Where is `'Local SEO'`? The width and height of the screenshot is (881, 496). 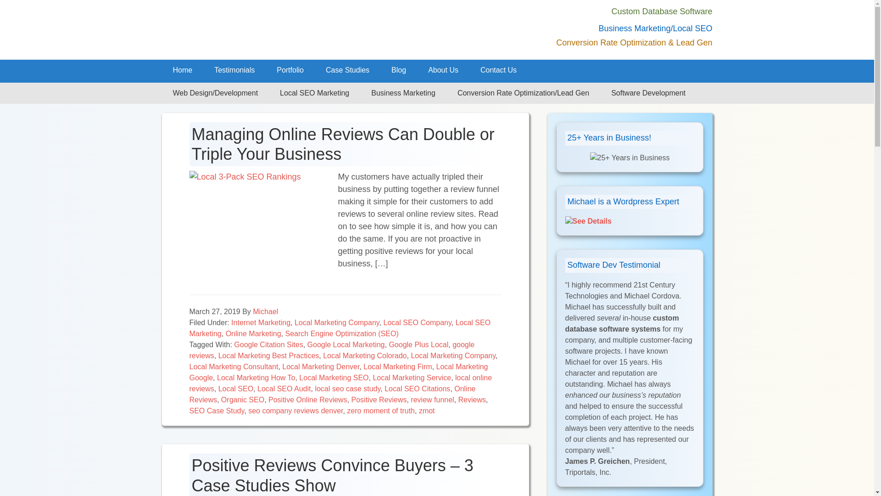 'Local SEO' is located at coordinates (235, 389).